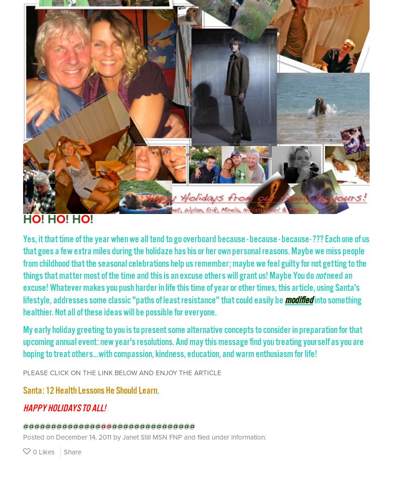 The height and width of the screenshot is (478, 393). What do you see at coordinates (192, 306) in the screenshot?
I see `'into something healthier. Not all of these ideas will be possible for everyone.'` at bounding box center [192, 306].